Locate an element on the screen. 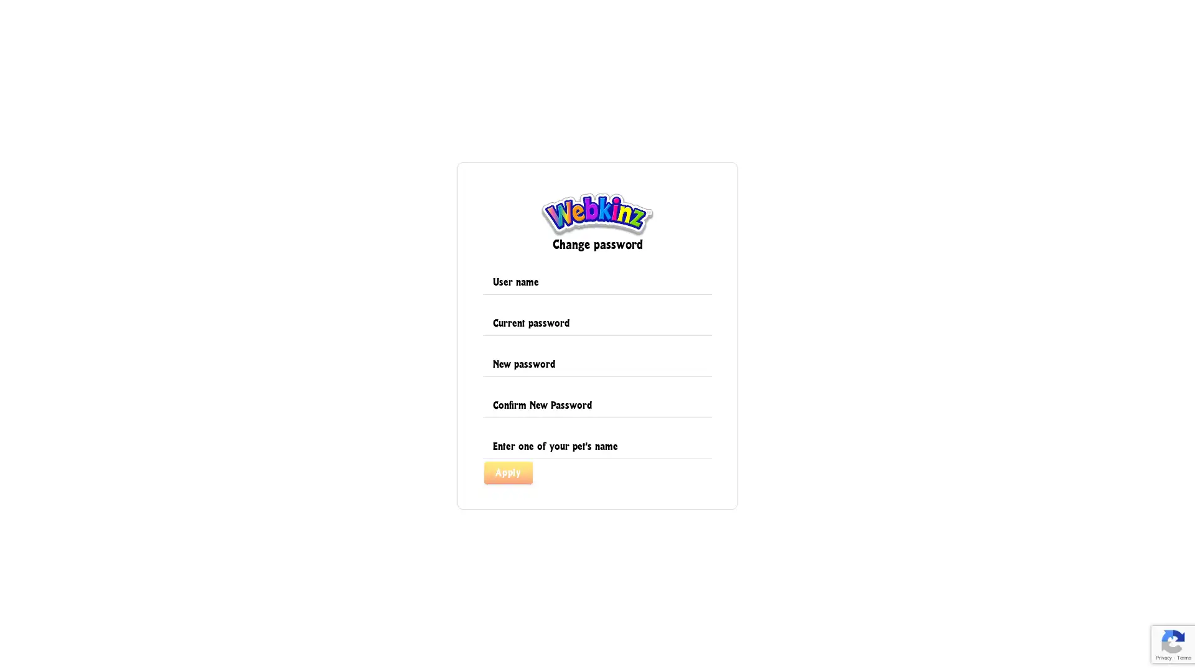 The width and height of the screenshot is (1195, 672). Apply is located at coordinates (508, 472).